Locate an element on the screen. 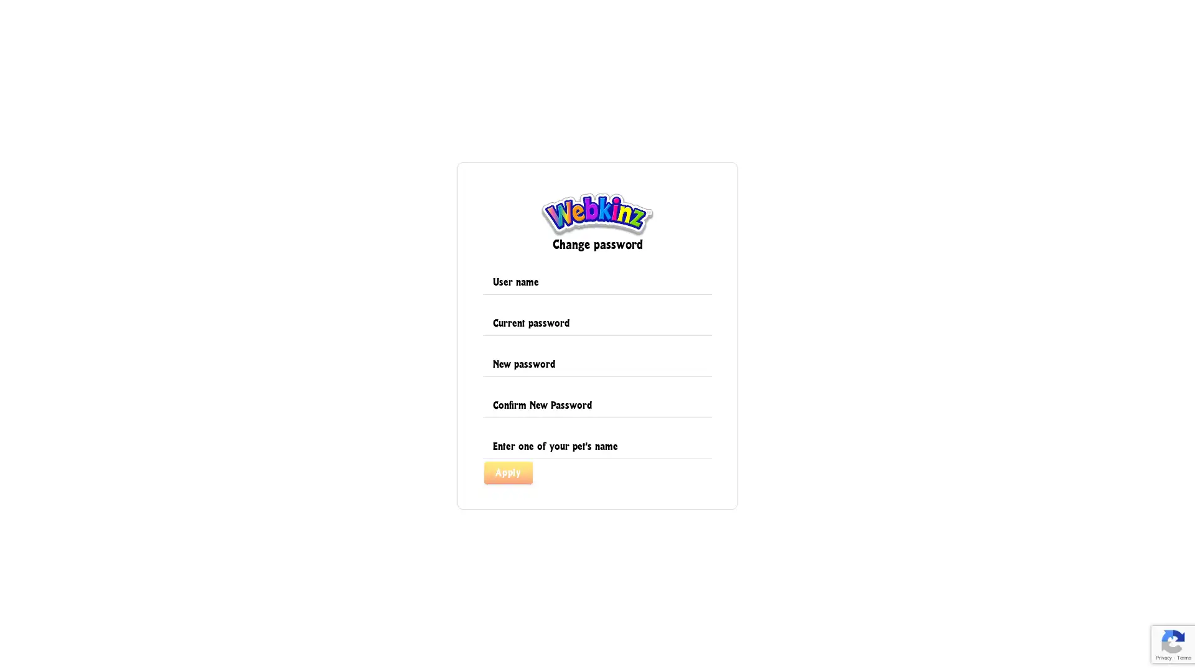 The width and height of the screenshot is (1195, 672). Apply is located at coordinates (508, 472).